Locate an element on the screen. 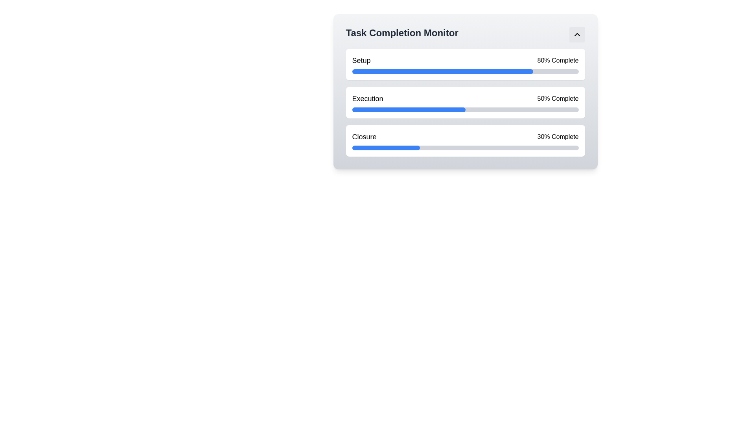  the Progress Indicator Label (Text) that indicates the progress percentage (30%) of the 'Closure' task, positioned to the far right of the accompanying text 'Closure' within the 'Task Completion Monitor' interface is located at coordinates (558, 136).